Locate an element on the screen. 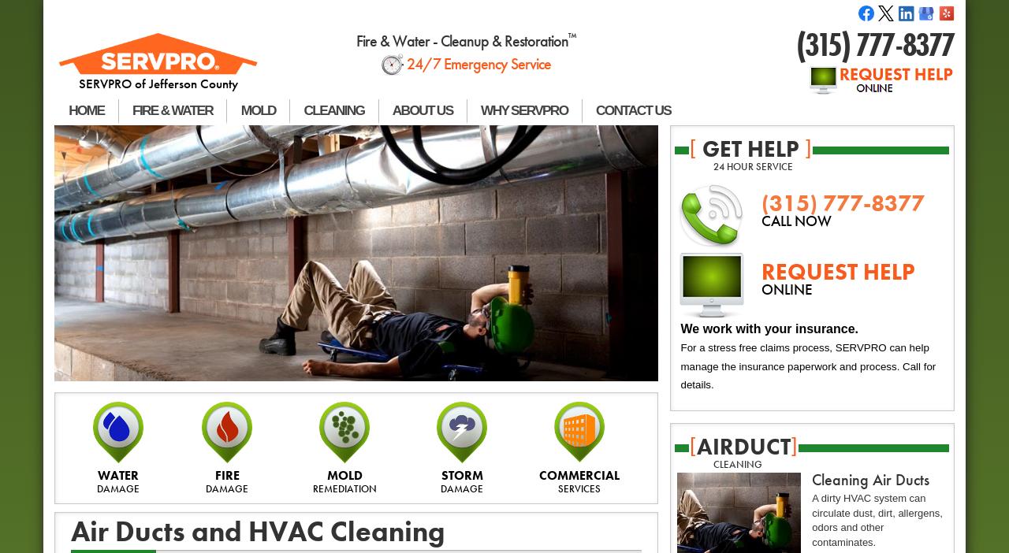 The width and height of the screenshot is (1009, 553). 'get help' is located at coordinates (694, 148).